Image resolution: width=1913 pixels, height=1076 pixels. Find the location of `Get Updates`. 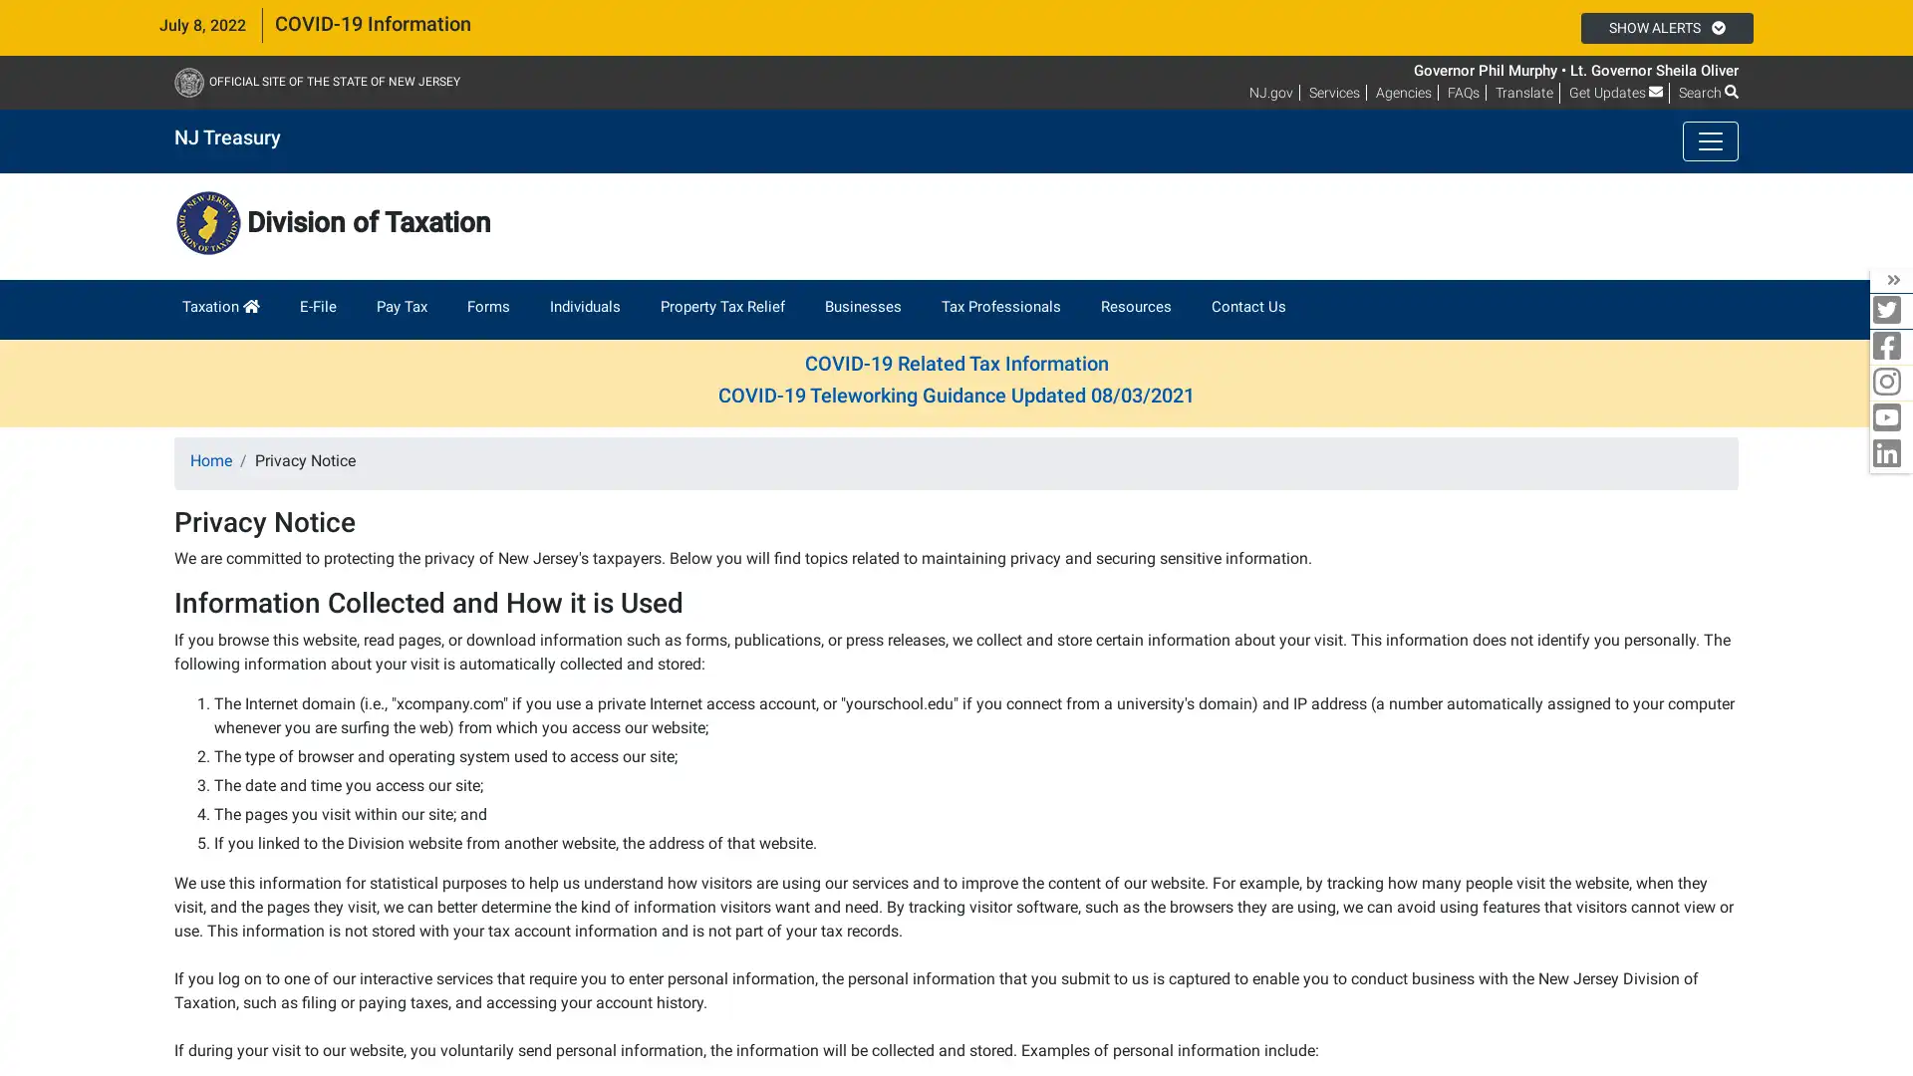

Get Updates is located at coordinates (1616, 92).